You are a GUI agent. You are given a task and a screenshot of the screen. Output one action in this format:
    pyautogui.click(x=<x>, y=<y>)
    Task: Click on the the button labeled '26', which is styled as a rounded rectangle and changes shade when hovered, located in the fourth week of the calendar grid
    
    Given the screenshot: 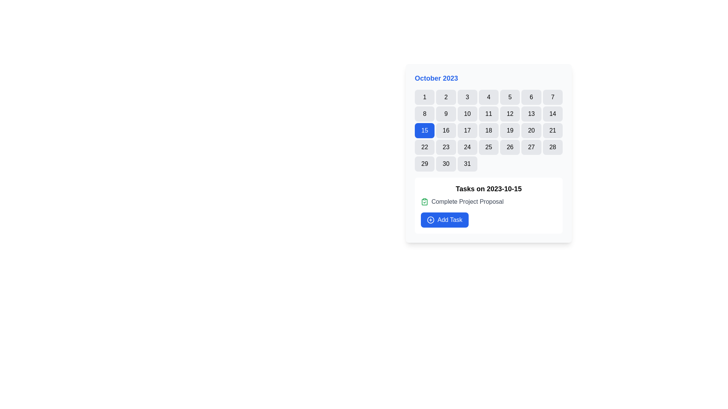 What is the action you would take?
    pyautogui.click(x=510, y=147)
    